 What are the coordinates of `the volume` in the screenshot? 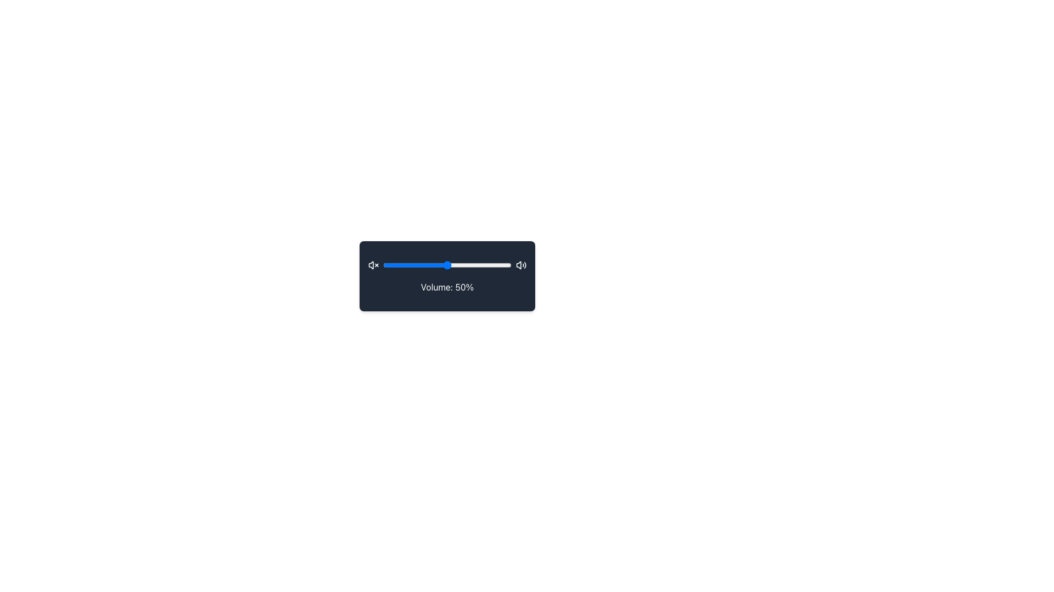 It's located at (476, 265).